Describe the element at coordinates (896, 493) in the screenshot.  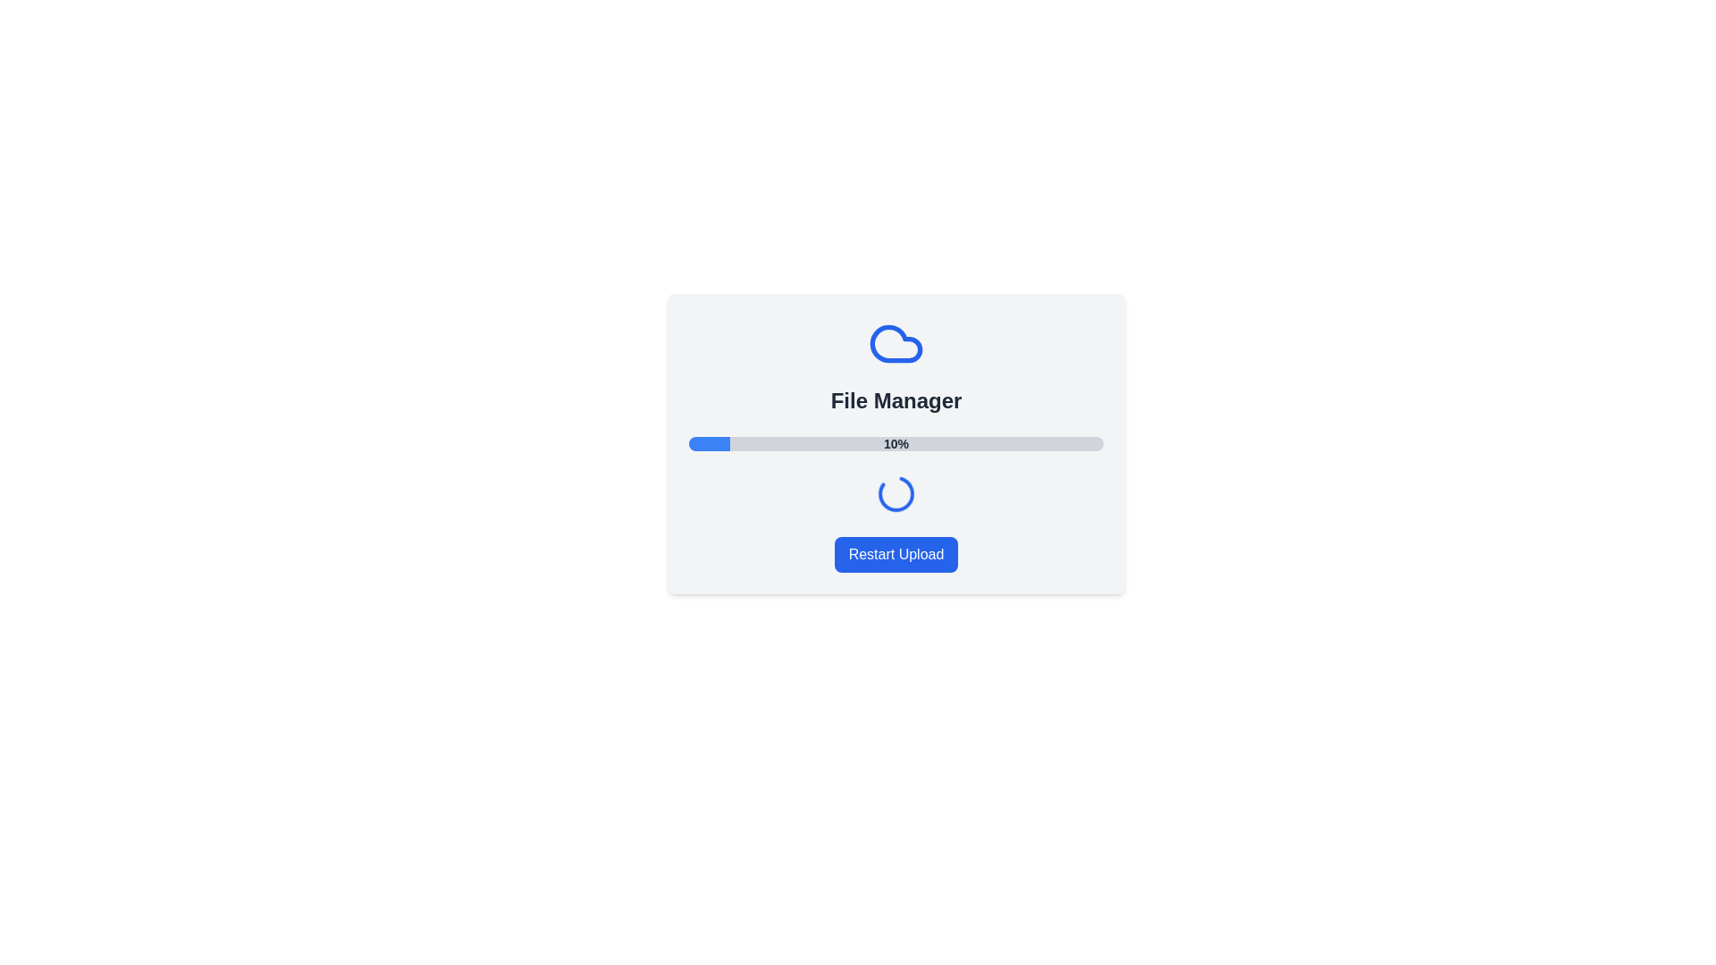
I see `the animation of the circular blue loading spinner located centrally beneath the progress bar within the card interface` at that location.